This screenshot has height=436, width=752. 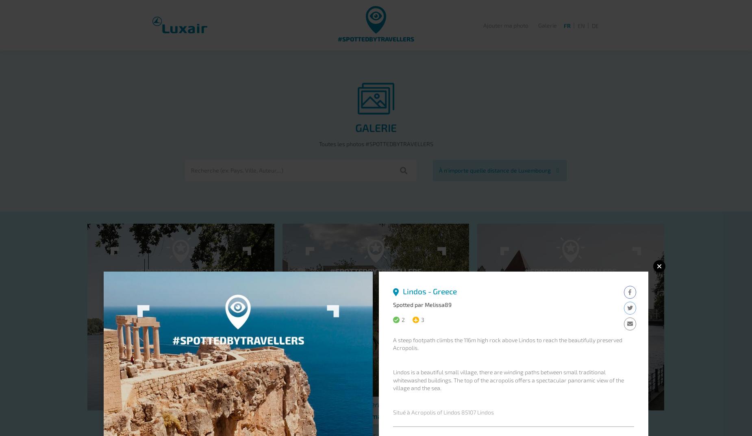 What do you see at coordinates (400, 319) in the screenshot?
I see `'2'` at bounding box center [400, 319].